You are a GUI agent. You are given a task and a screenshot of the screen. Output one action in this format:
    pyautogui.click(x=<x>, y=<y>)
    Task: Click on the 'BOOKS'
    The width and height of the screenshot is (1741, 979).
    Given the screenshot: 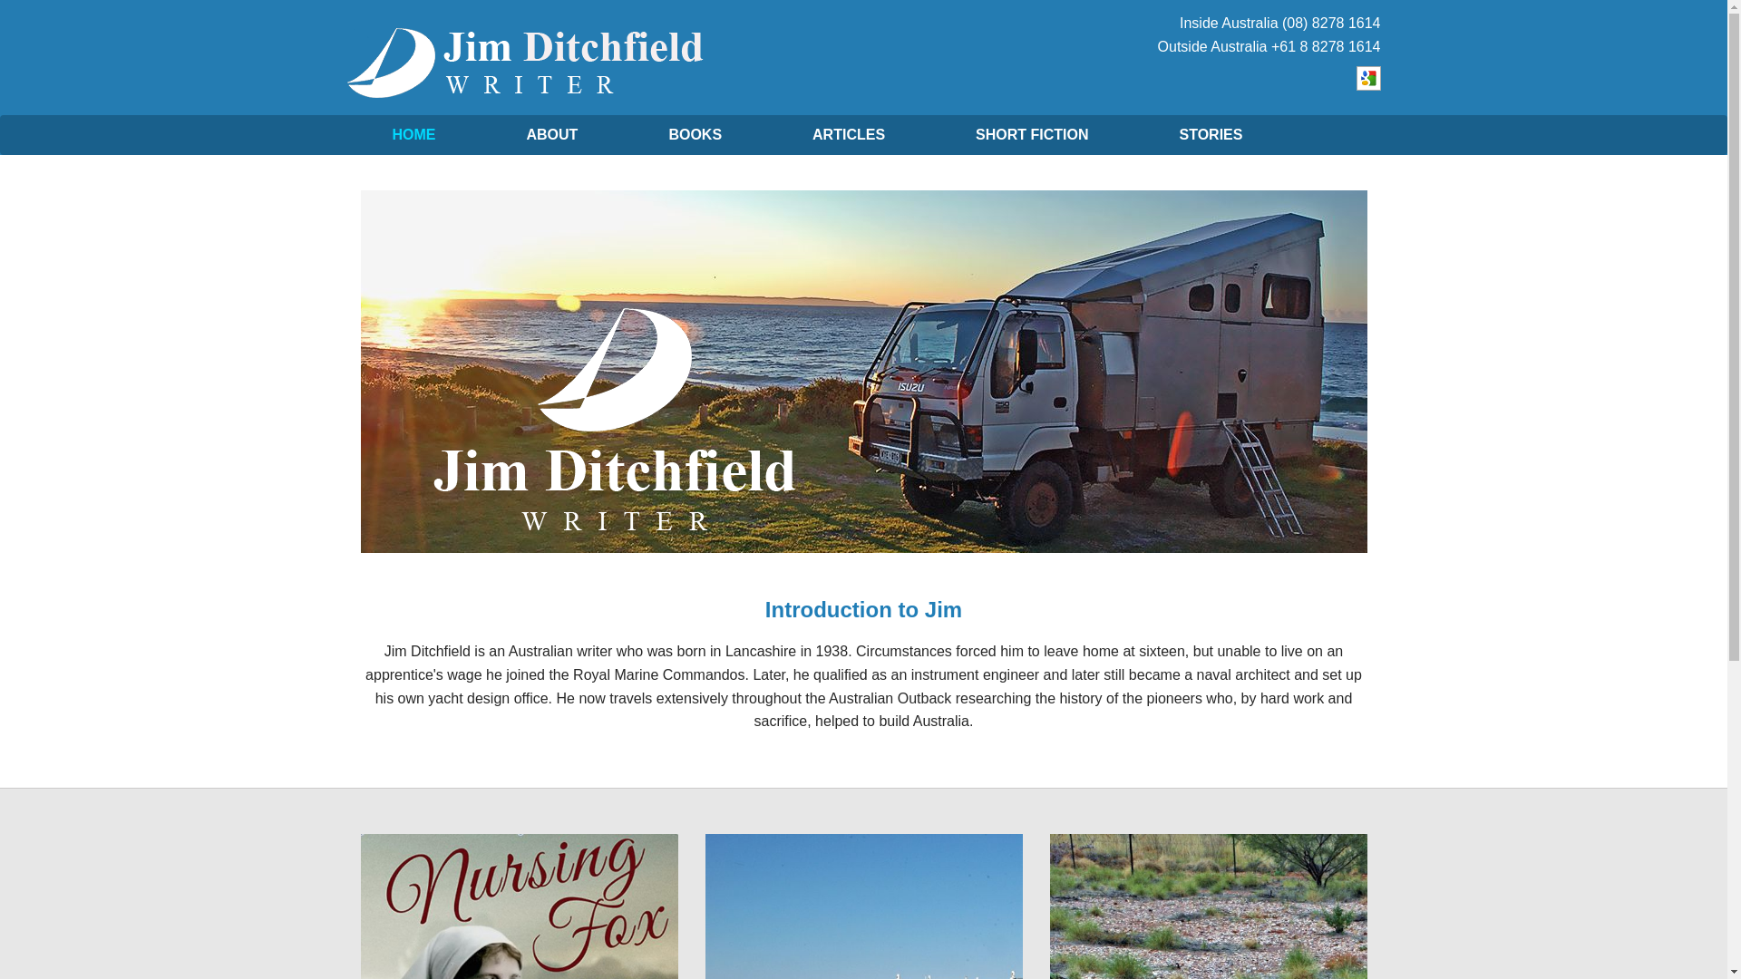 What is the action you would take?
    pyautogui.click(x=694, y=134)
    